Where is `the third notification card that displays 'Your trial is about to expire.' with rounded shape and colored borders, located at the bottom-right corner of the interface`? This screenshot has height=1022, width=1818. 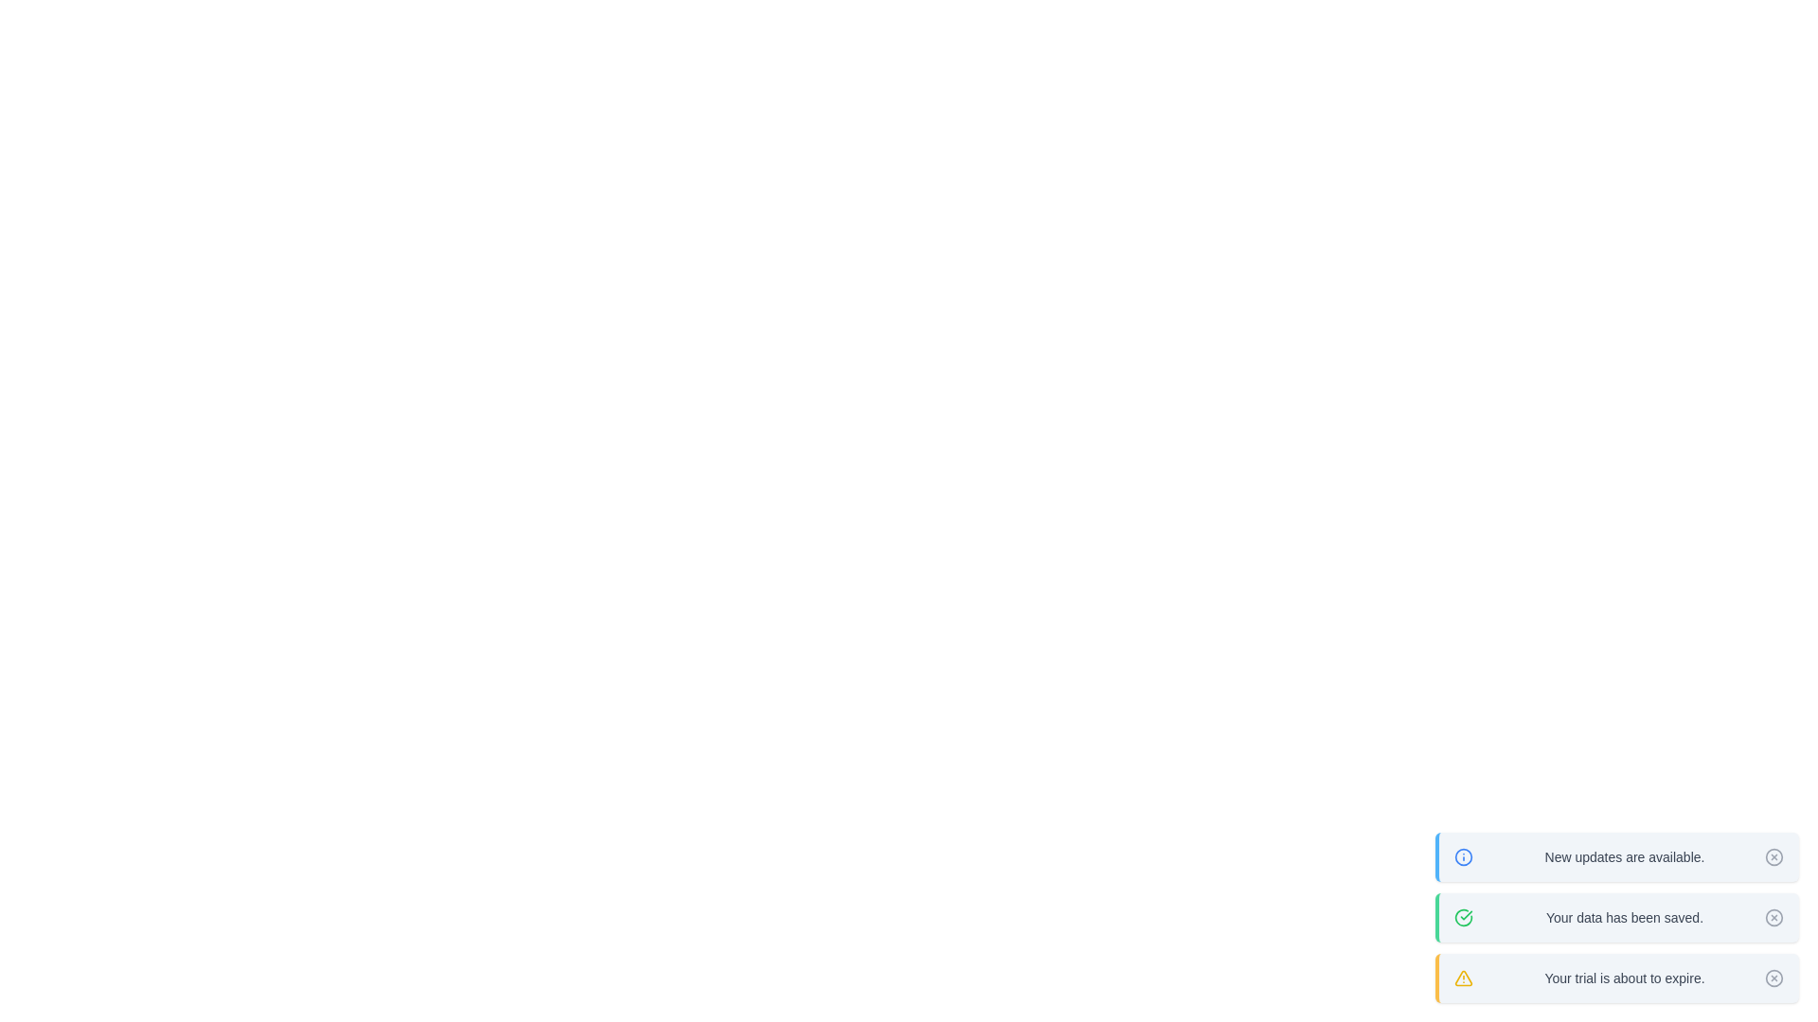
the third notification card that displays 'Your trial is about to expire.' with rounded shape and colored borders, located at the bottom-right corner of the interface is located at coordinates (1616, 978).